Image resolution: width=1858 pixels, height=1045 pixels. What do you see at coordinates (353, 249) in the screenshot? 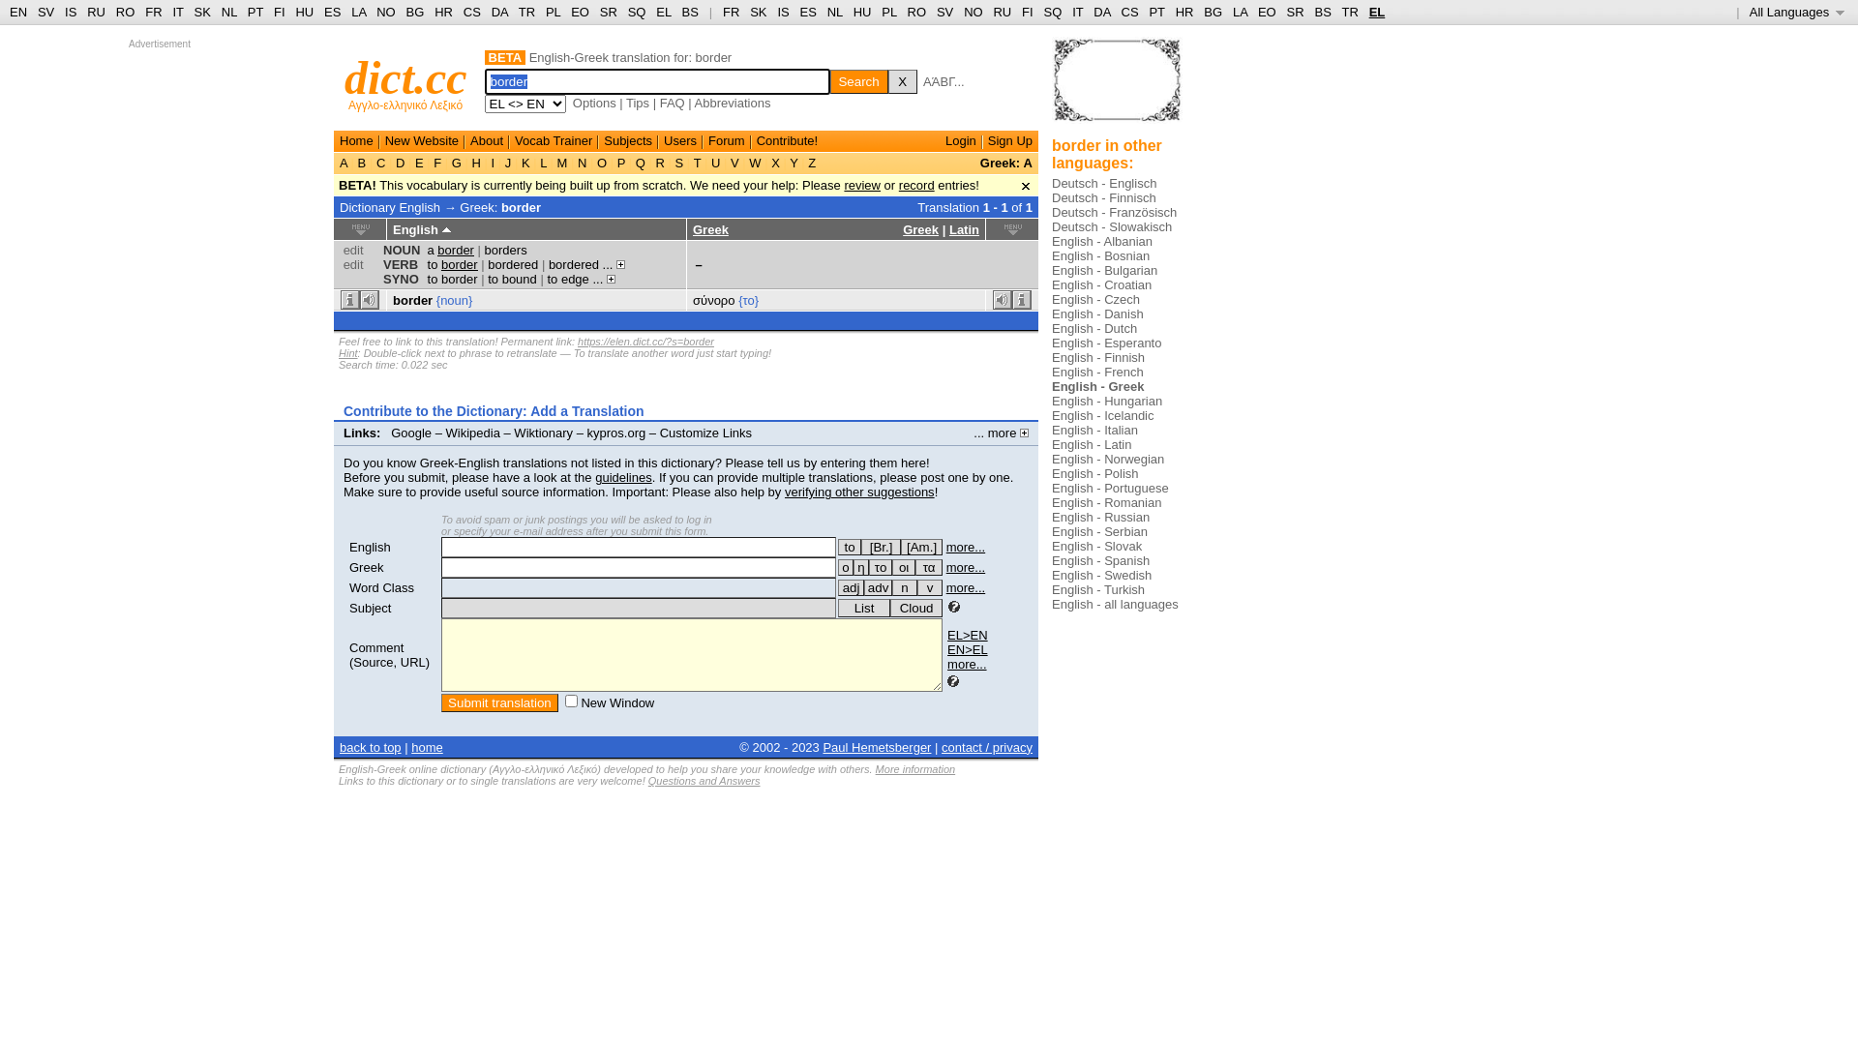
I see `'edit'` at bounding box center [353, 249].